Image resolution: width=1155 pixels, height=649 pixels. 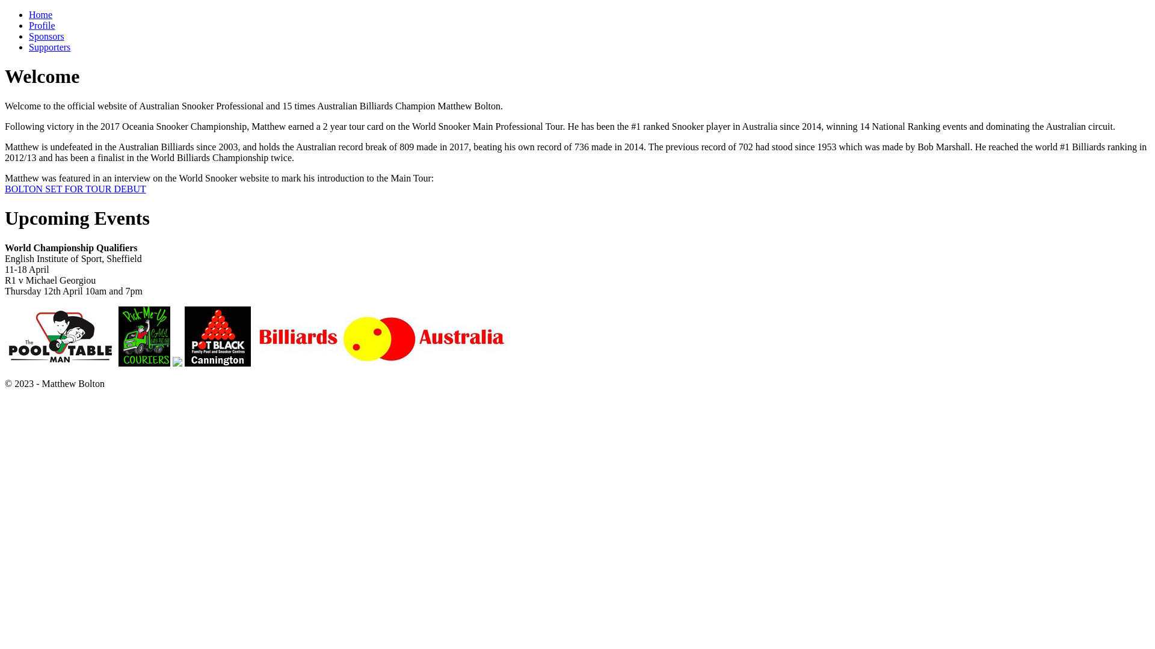 What do you see at coordinates (40, 14) in the screenshot?
I see `'Home'` at bounding box center [40, 14].